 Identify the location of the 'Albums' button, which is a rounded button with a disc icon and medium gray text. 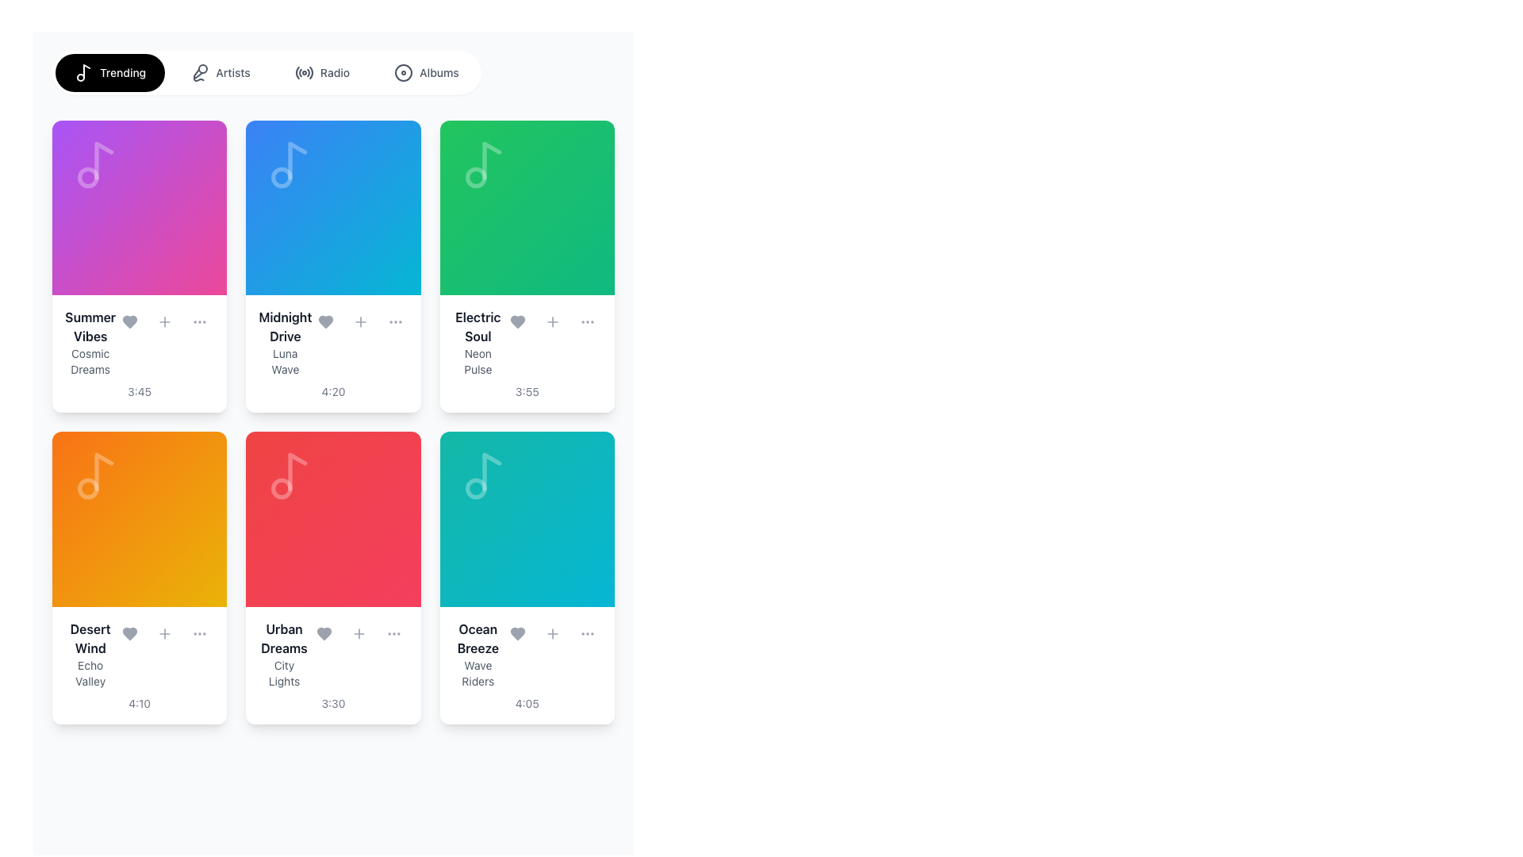
(426, 73).